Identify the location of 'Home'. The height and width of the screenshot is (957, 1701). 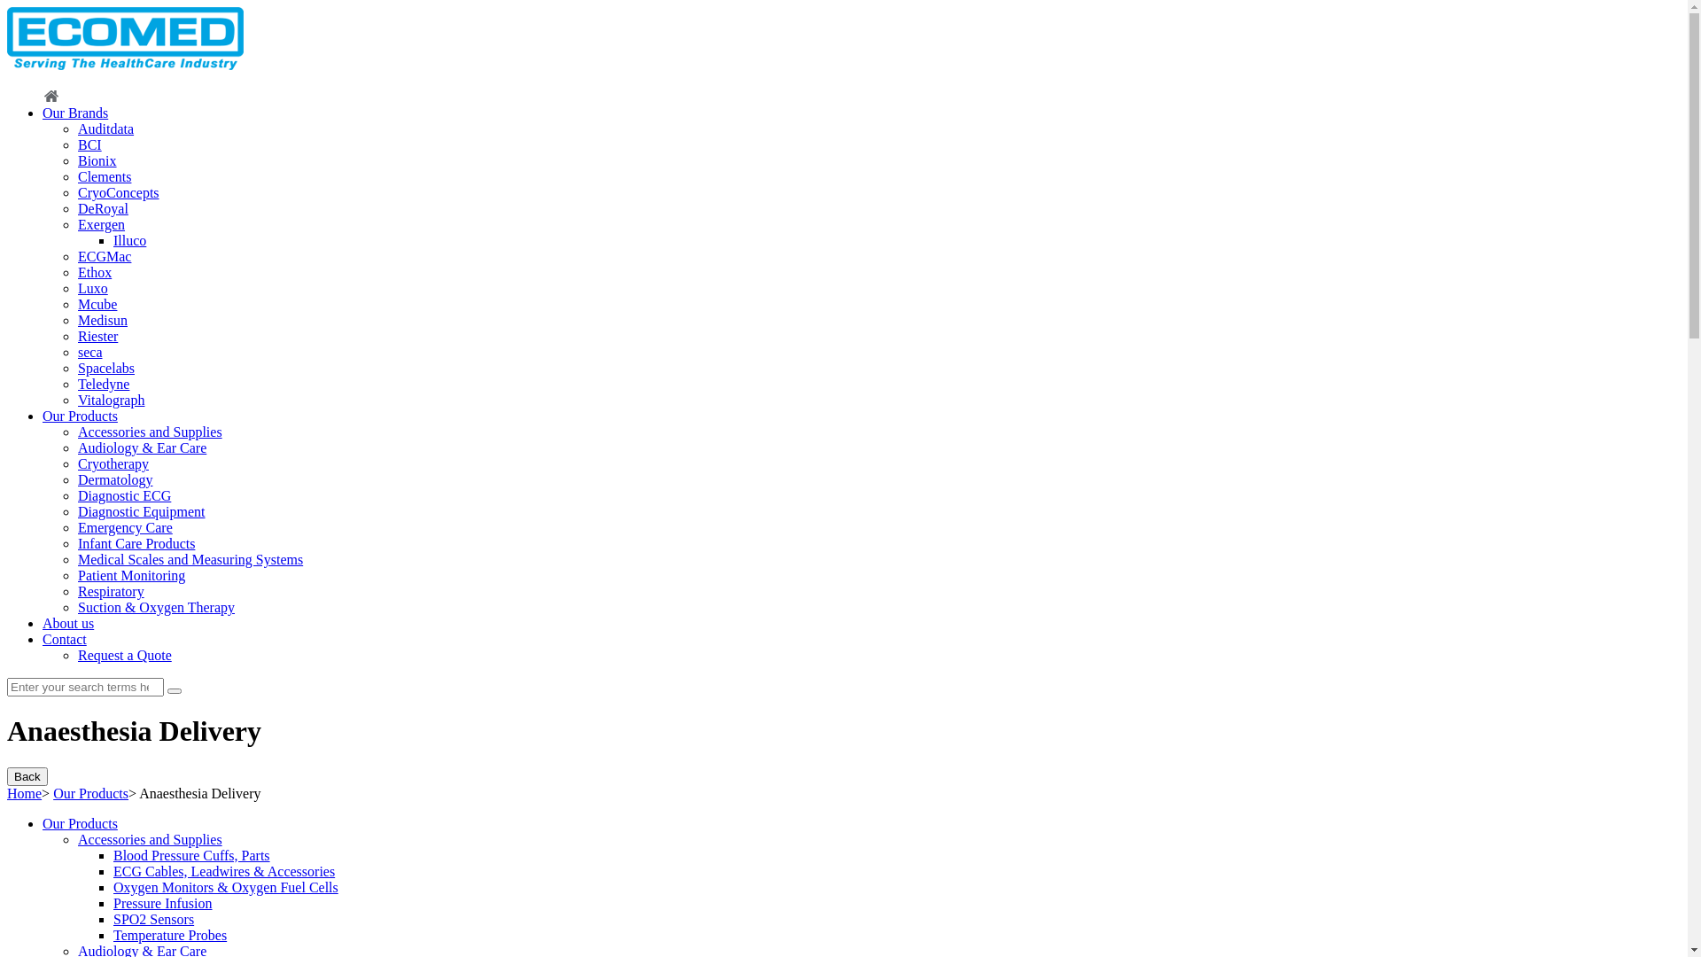
(24, 792).